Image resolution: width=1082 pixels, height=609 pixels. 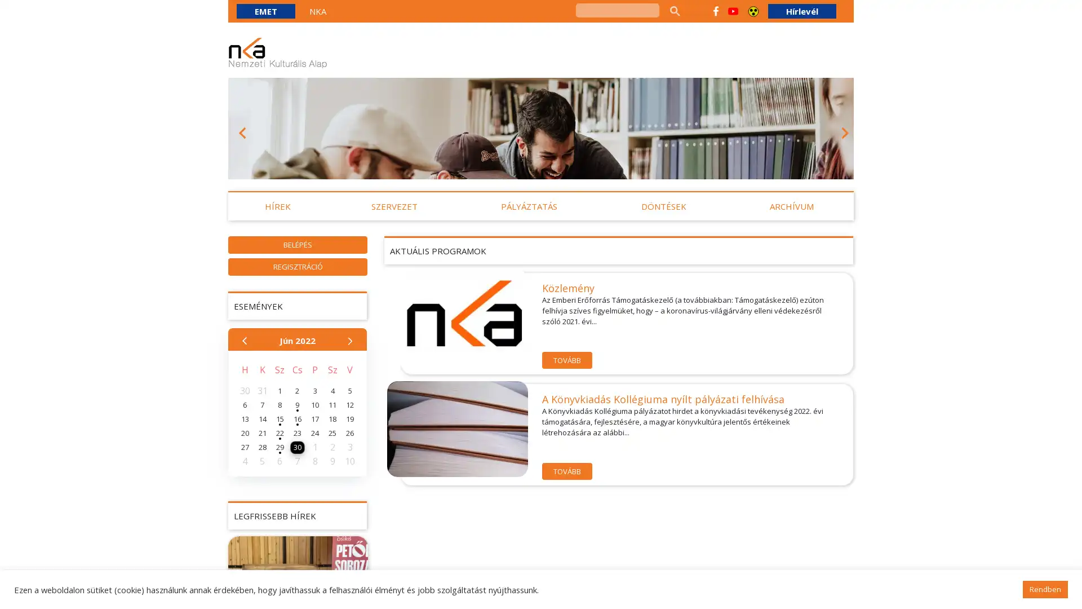 What do you see at coordinates (529, 206) in the screenshot?
I see `PALYAZTATAS` at bounding box center [529, 206].